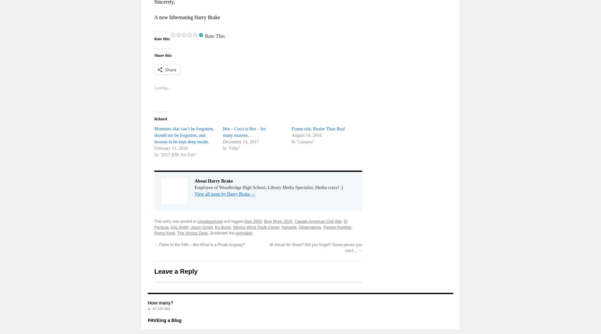 The image size is (601, 334). I want to click on '67,103 hits', so click(161, 308).